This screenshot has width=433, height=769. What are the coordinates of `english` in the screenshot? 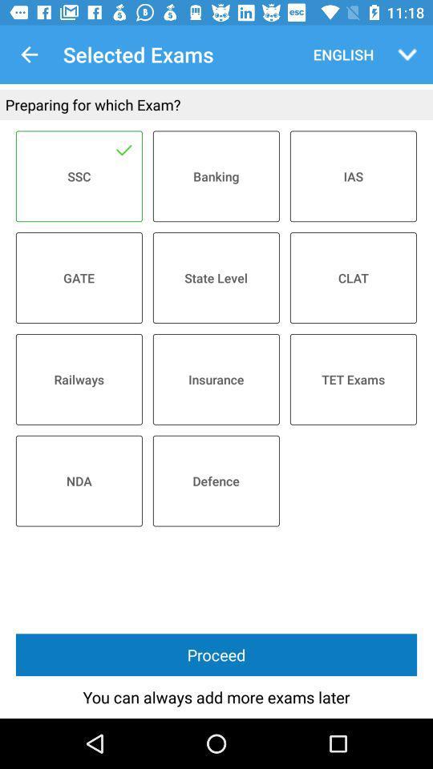 It's located at (339, 54).